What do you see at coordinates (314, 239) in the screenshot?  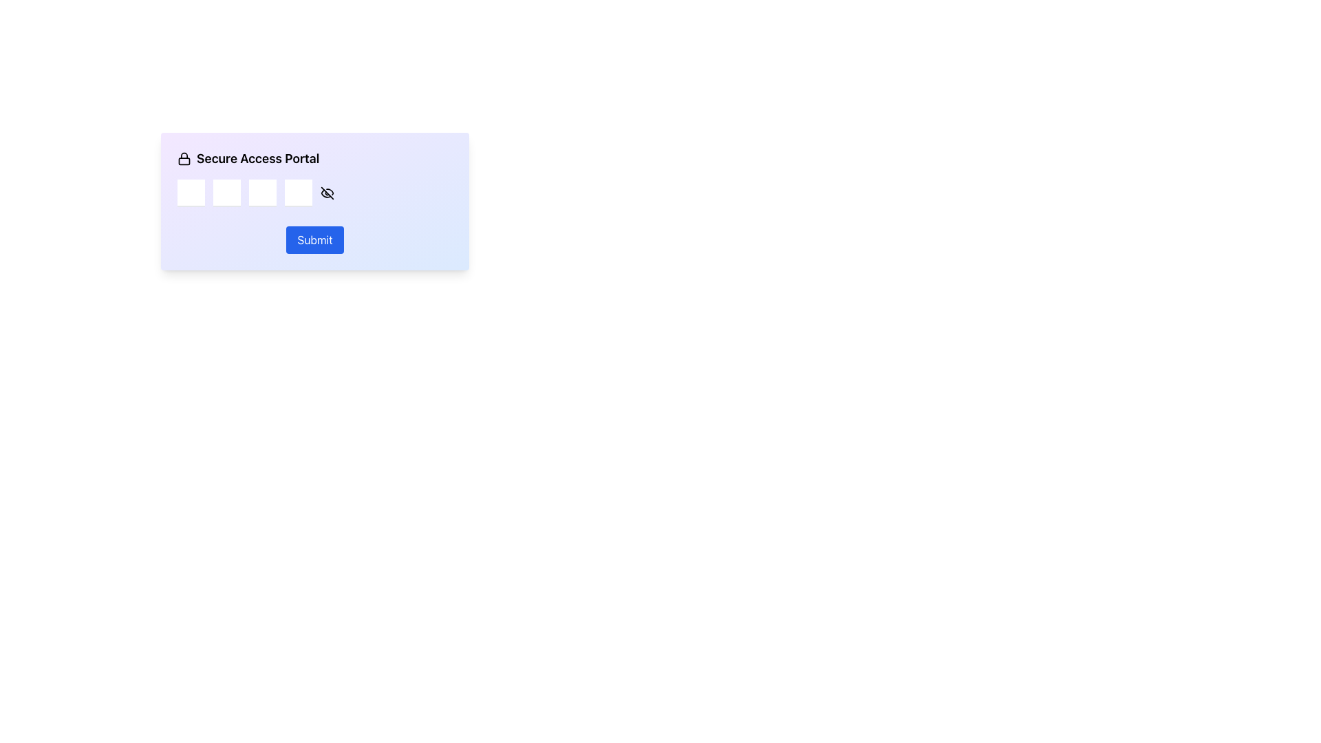 I see `the submission button located at the bottom right of the 'Secure Access Portal' card` at bounding box center [314, 239].